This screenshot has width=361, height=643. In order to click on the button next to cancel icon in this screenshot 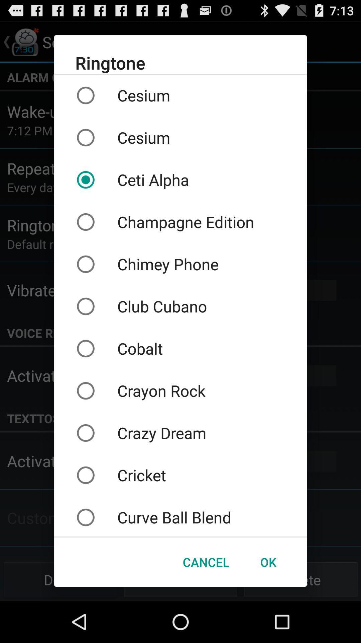, I will do `click(268, 562)`.